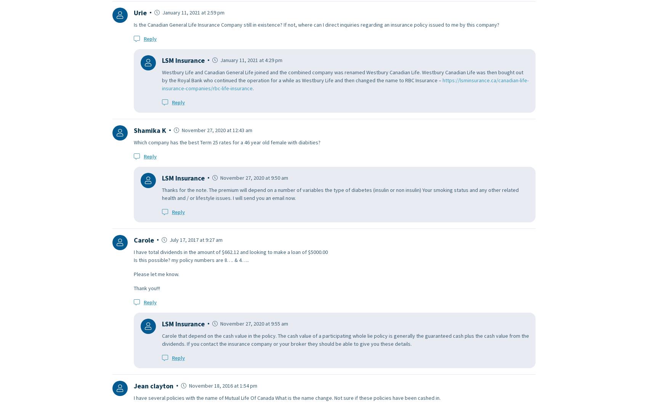 Image resolution: width=648 pixels, height=404 pixels. I want to click on 'Which company has the best Term 25 rates for a 46 year old female with diabities?', so click(133, 142).